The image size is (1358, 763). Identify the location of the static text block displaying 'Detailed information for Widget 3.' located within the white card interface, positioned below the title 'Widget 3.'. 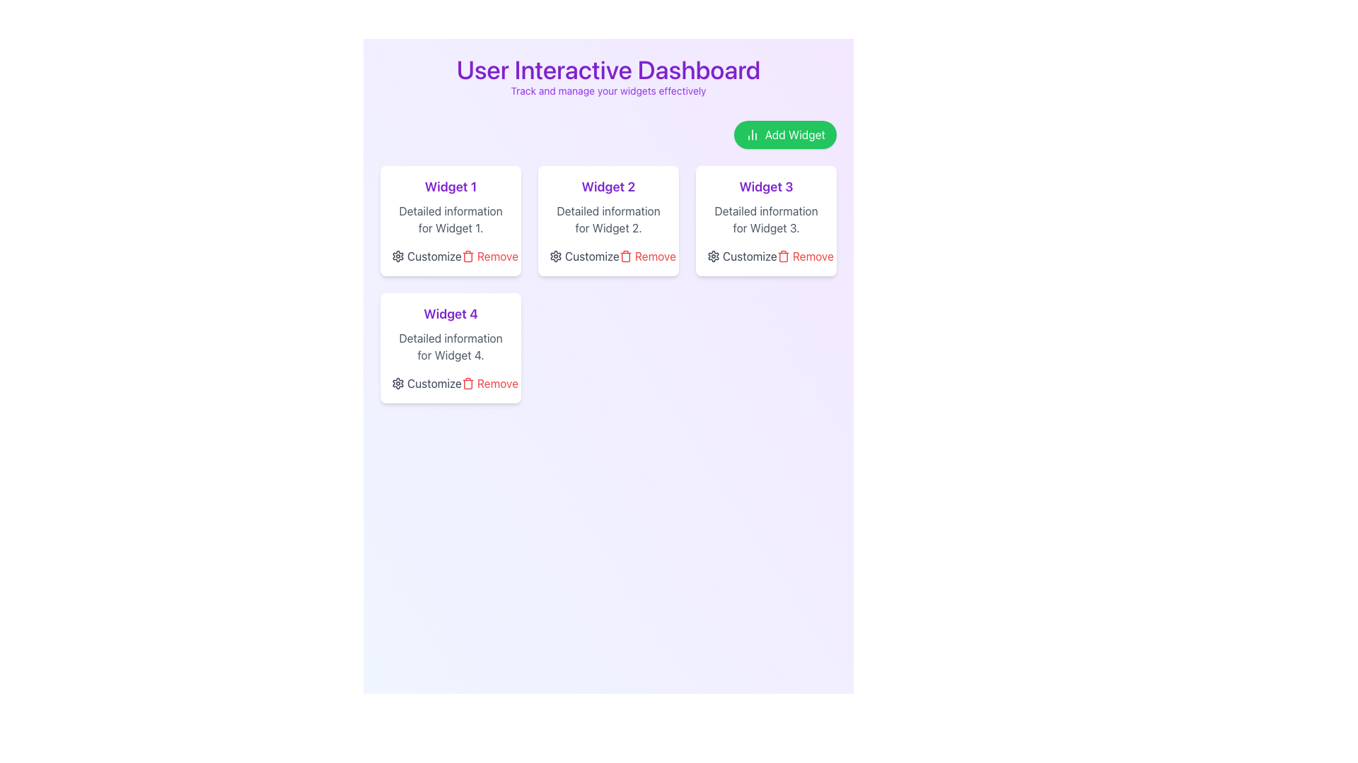
(765, 220).